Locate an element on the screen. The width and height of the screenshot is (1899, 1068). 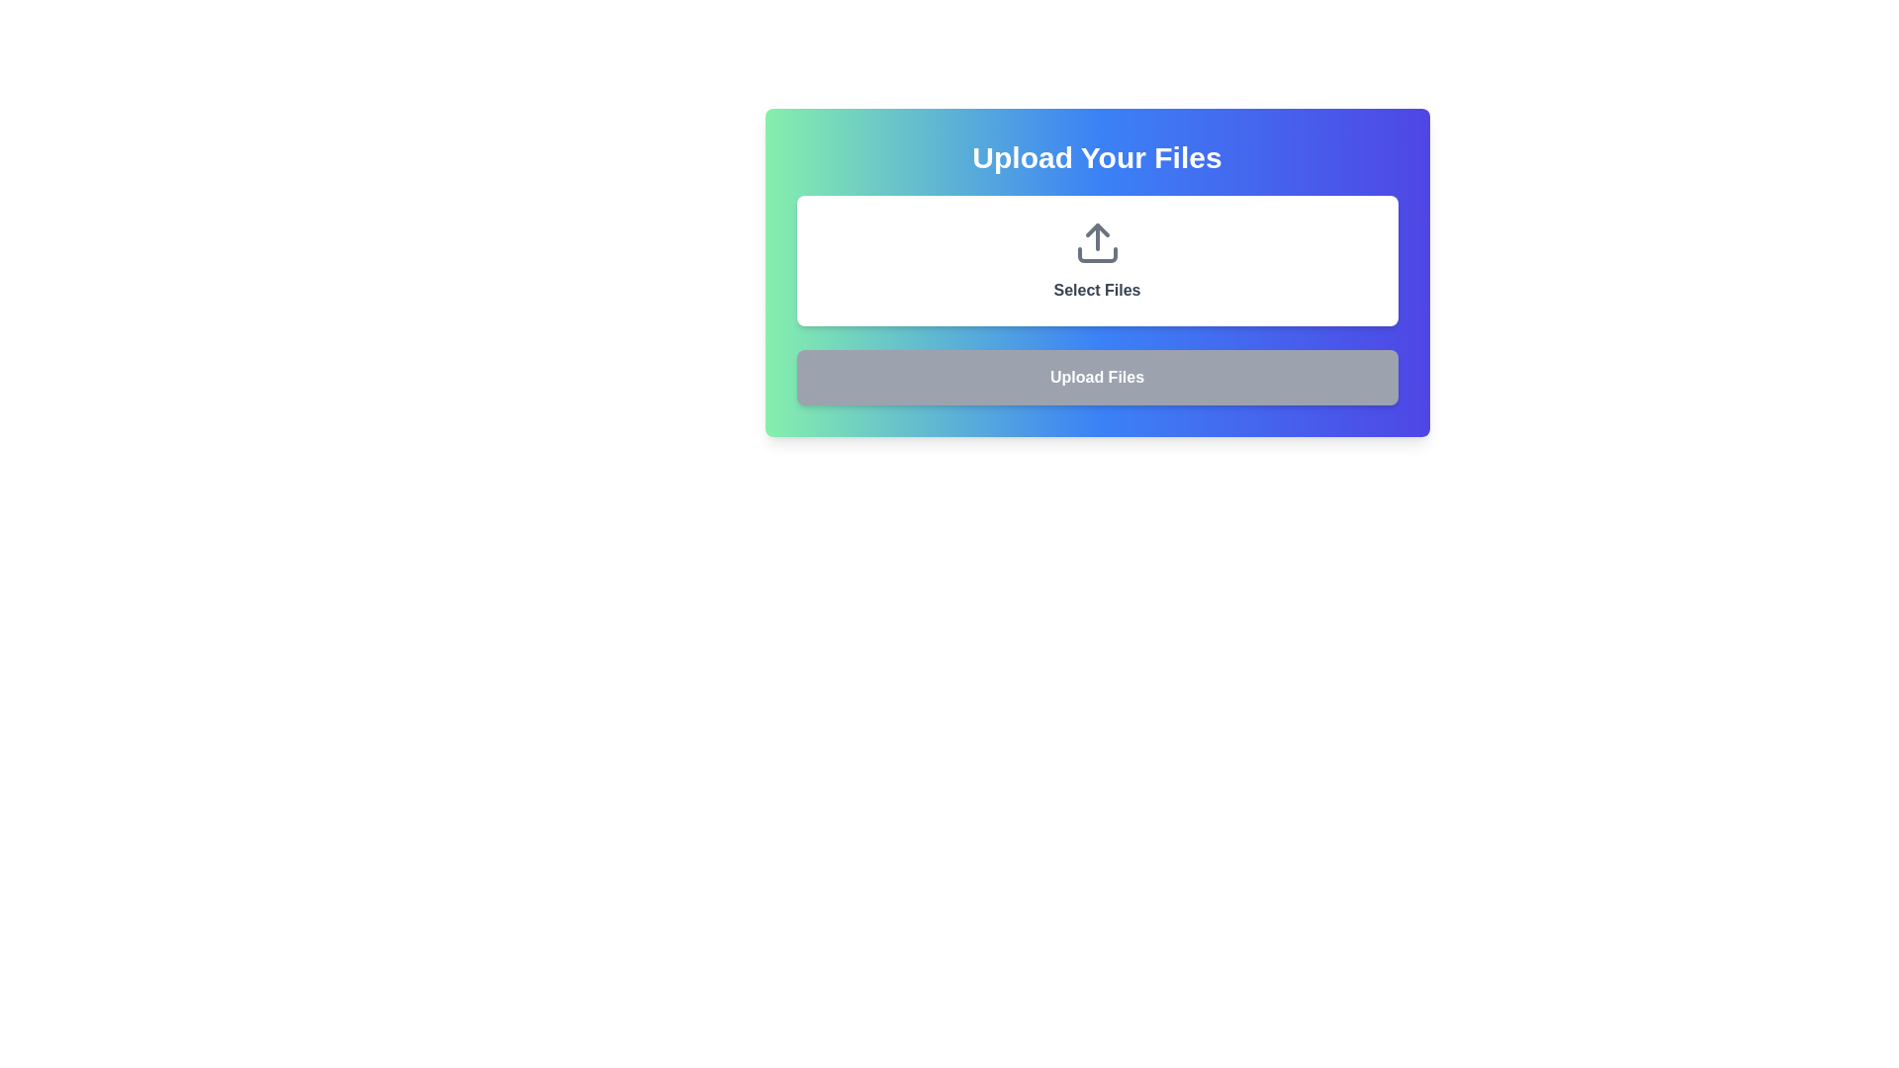
the File selection prompt which consists of an upload icon and a text label saying 'Select Files' is located at coordinates (1096, 259).